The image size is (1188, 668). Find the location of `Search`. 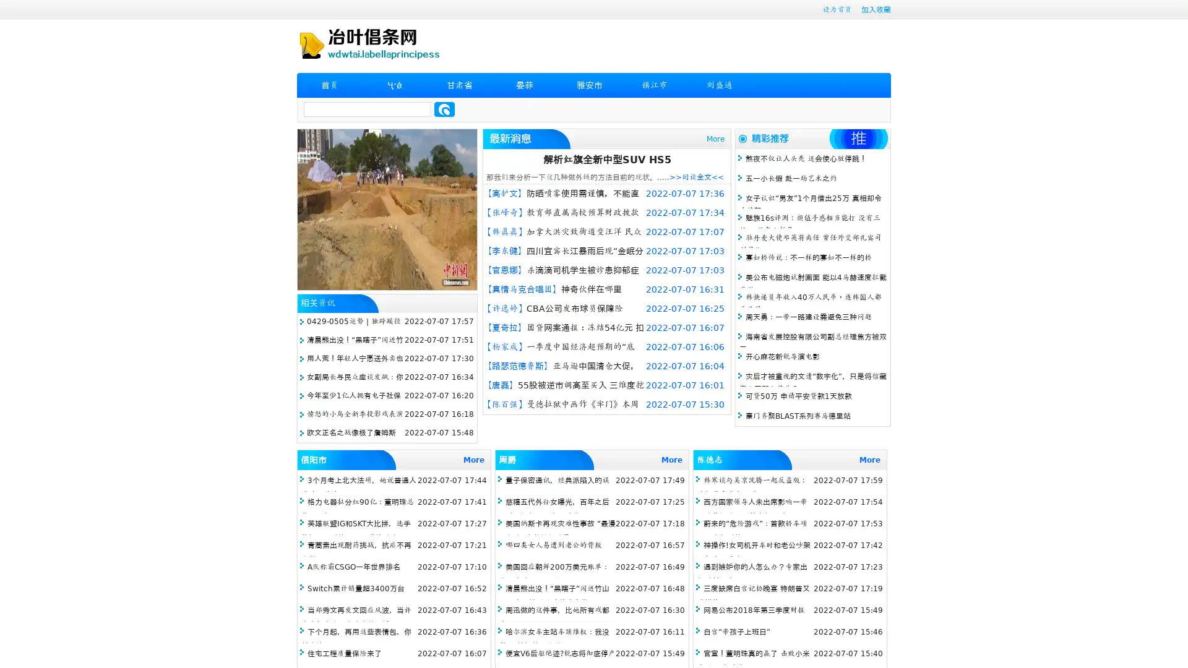

Search is located at coordinates (444, 109).